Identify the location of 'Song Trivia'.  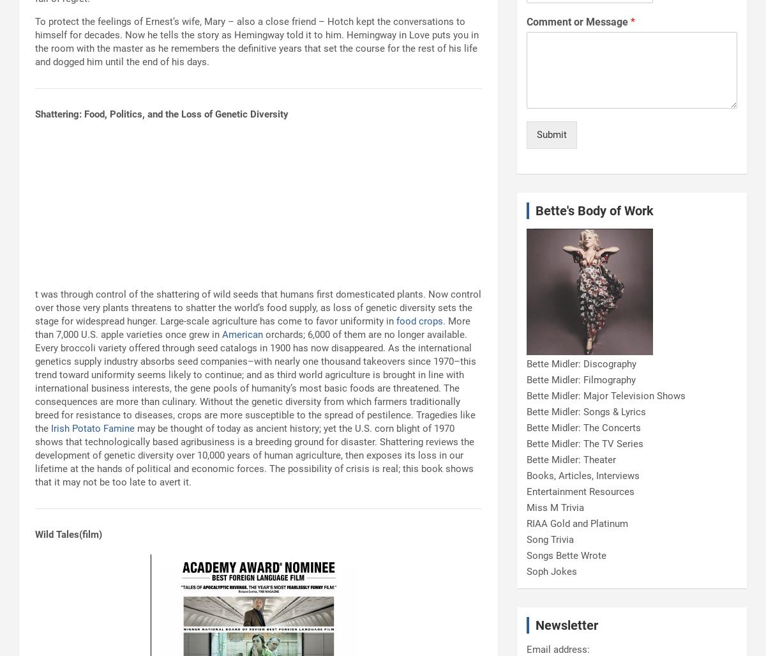
(549, 540).